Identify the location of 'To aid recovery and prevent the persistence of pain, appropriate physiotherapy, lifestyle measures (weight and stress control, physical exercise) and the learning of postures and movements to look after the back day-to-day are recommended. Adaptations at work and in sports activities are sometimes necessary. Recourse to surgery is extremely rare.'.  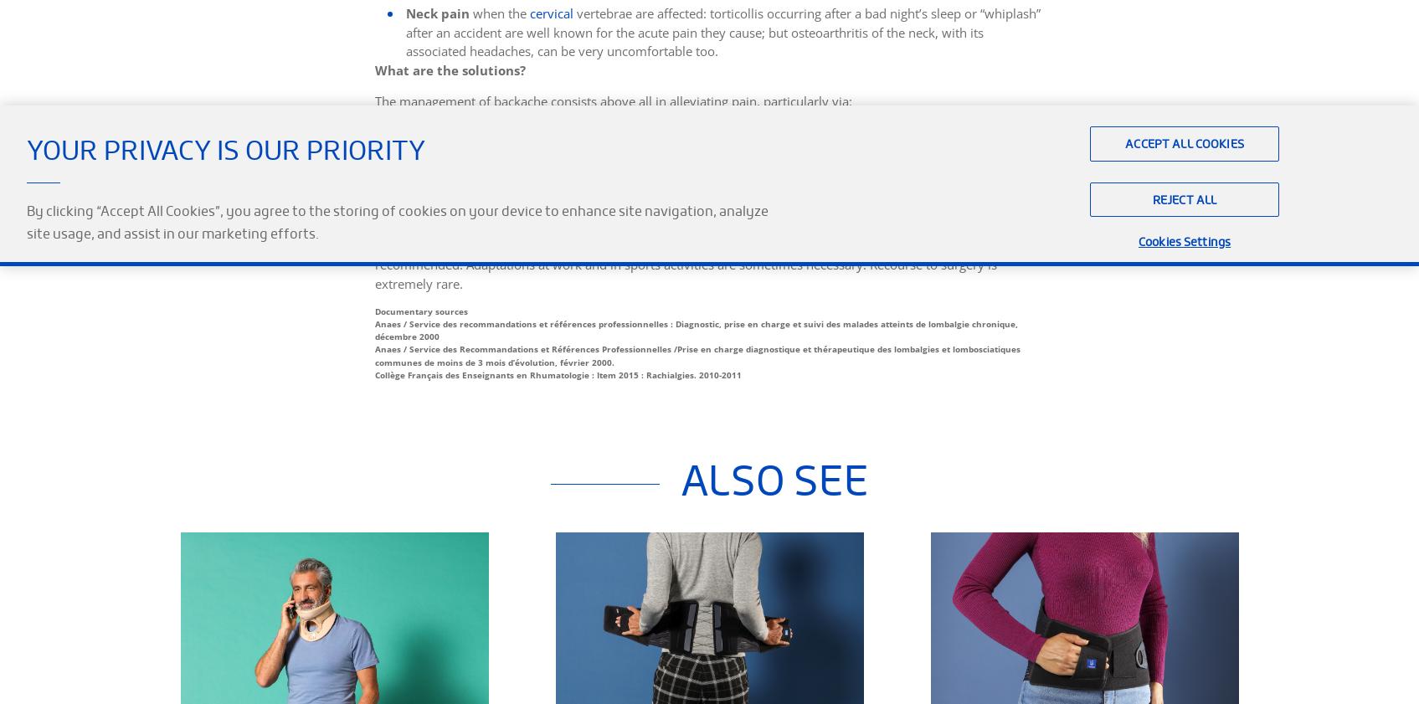
(704, 254).